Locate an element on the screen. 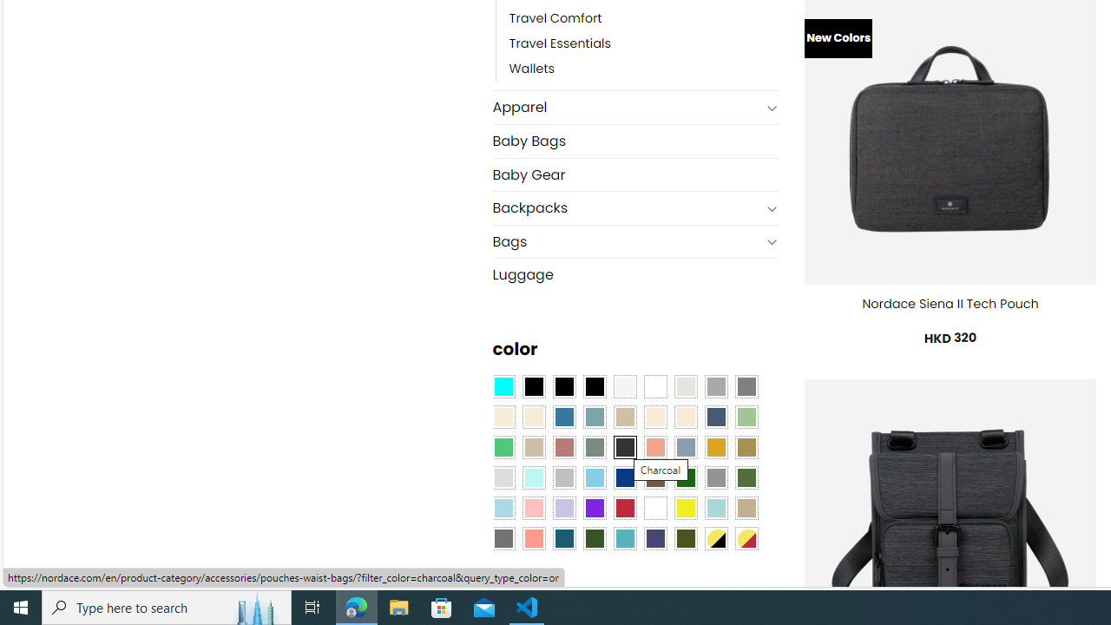 The height and width of the screenshot is (625, 1111). 'Capri Blue' is located at coordinates (564, 536).